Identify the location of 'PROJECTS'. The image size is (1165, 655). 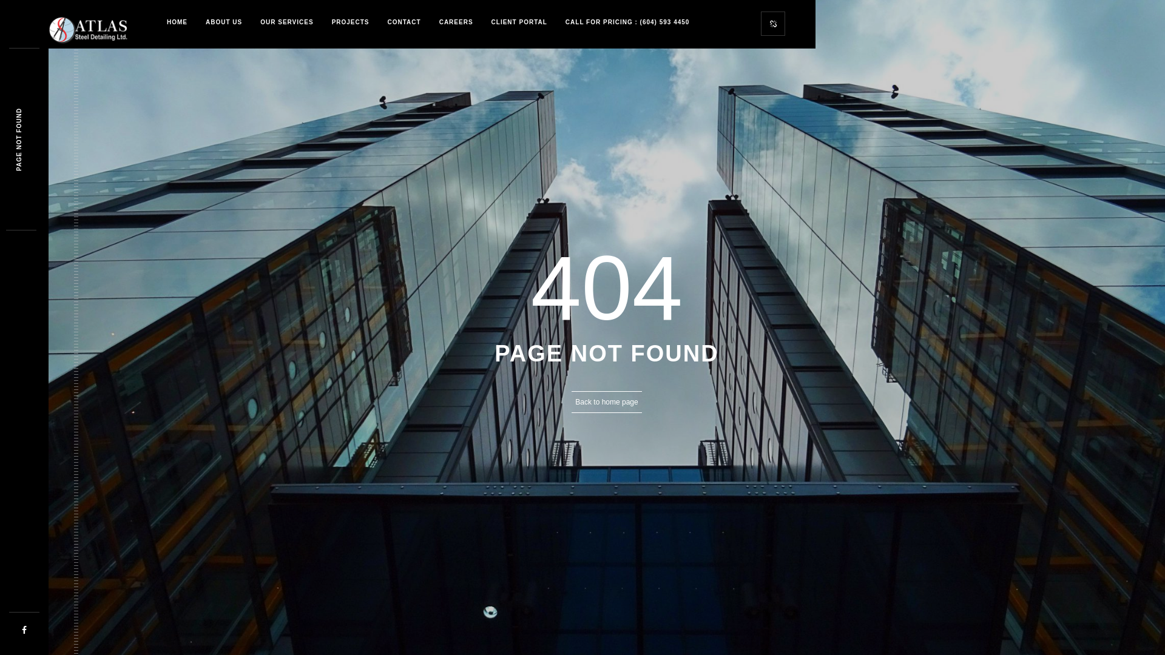
(349, 22).